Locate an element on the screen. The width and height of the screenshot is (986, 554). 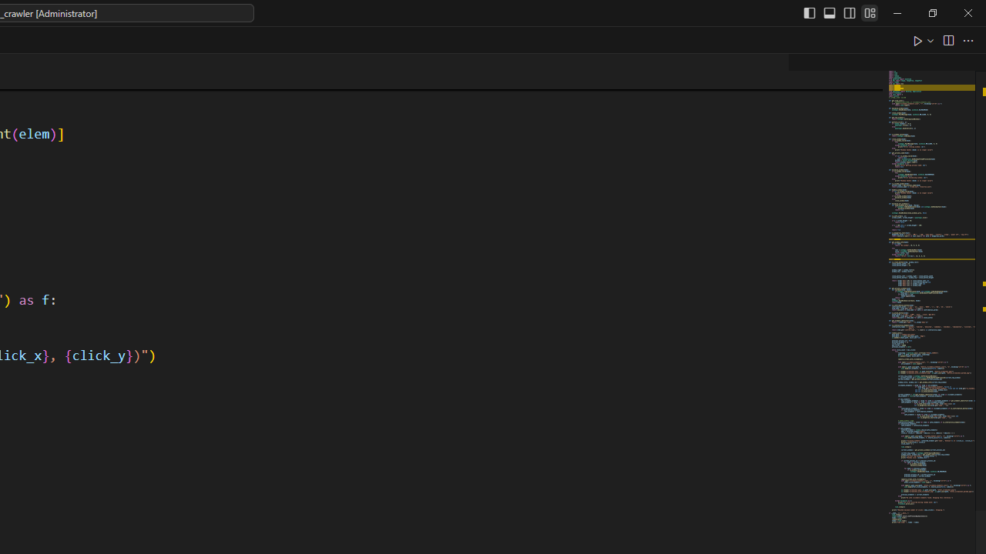
'Split Editor Right (Ctrl+\) [Alt] Split Editor Down' is located at coordinates (947, 39).